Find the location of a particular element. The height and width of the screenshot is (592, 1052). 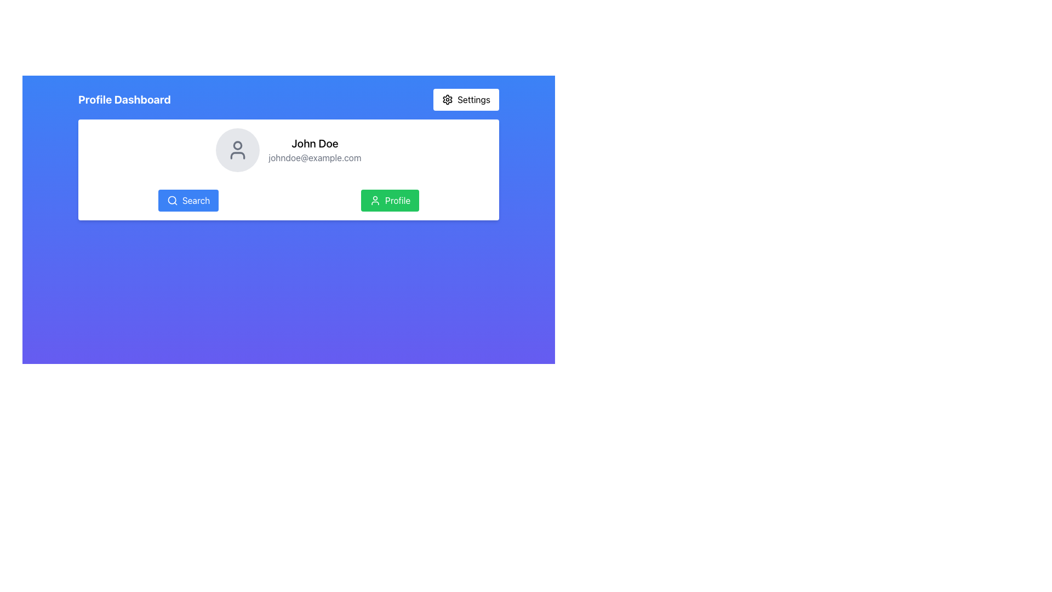

the first SVG graphical element that symbolizes settings, located in the top-right corner of the application interface near the 'Settings' label is located at coordinates (448, 99).